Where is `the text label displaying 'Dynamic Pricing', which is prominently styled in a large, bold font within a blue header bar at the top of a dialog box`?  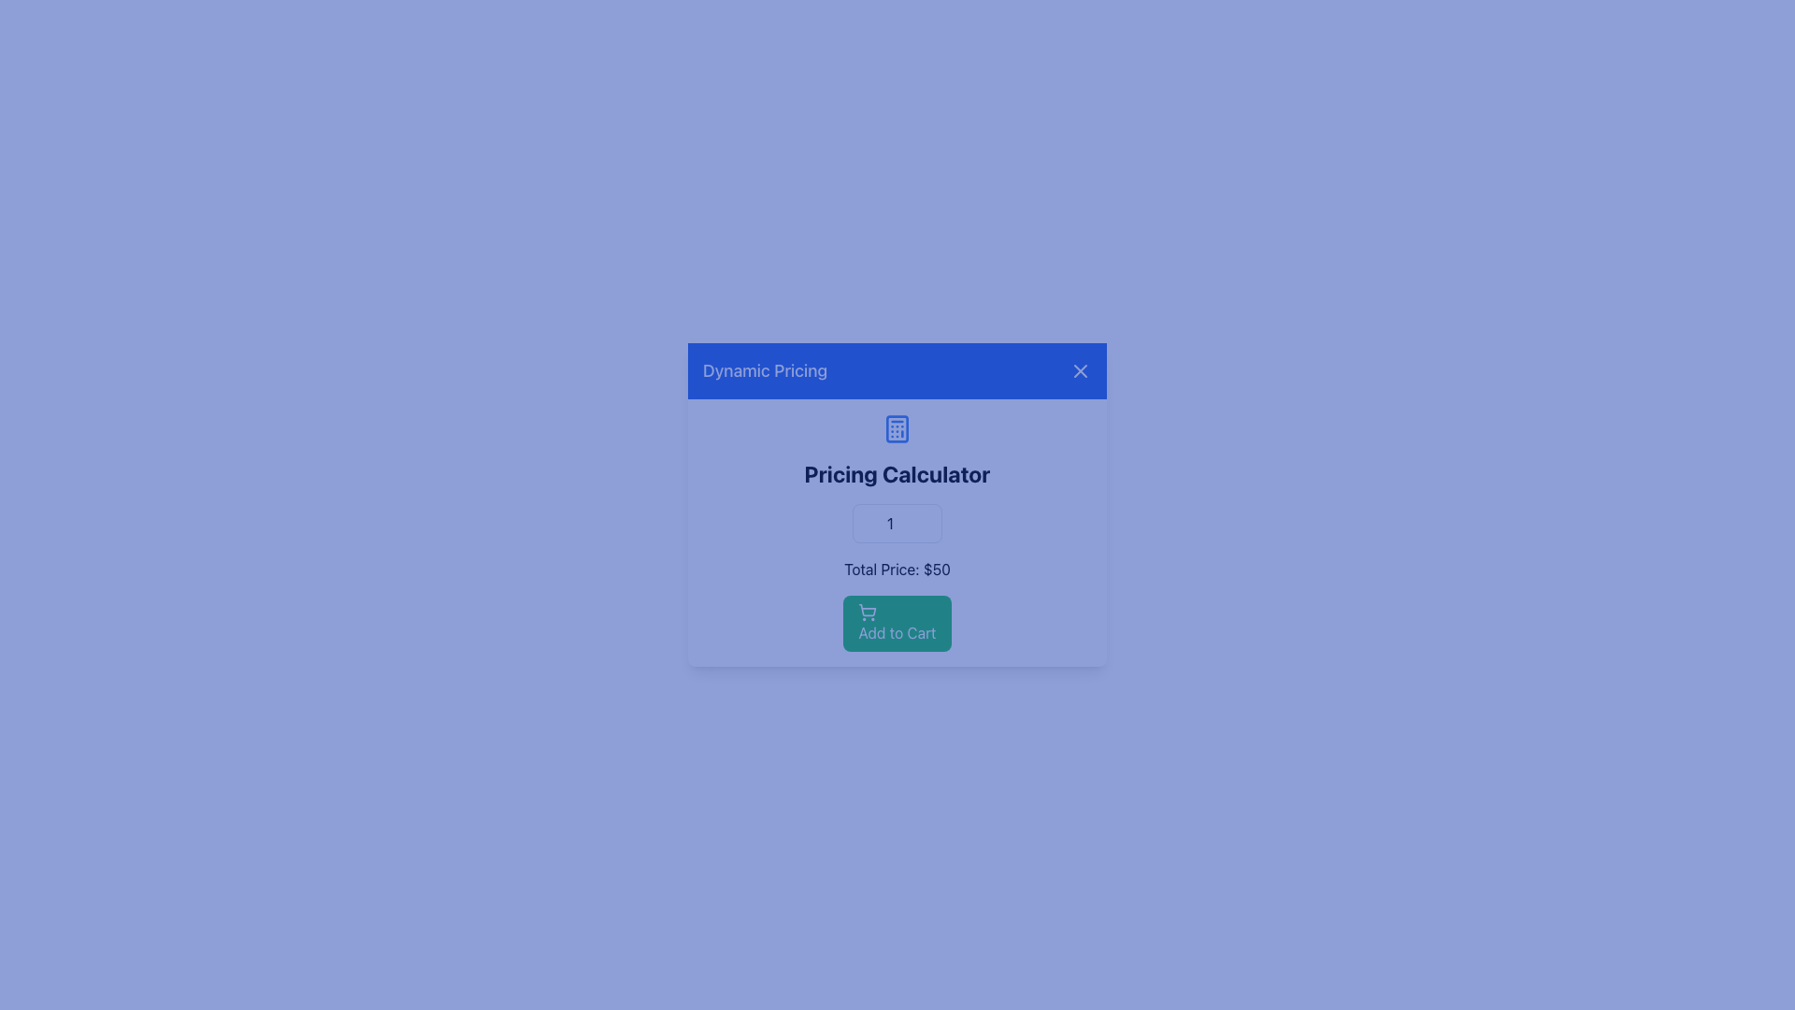 the text label displaying 'Dynamic Pricing', which is prominently styled in a large, bold font within a blue header bar at the top of a dialog box is located at coordinates (765, 371).